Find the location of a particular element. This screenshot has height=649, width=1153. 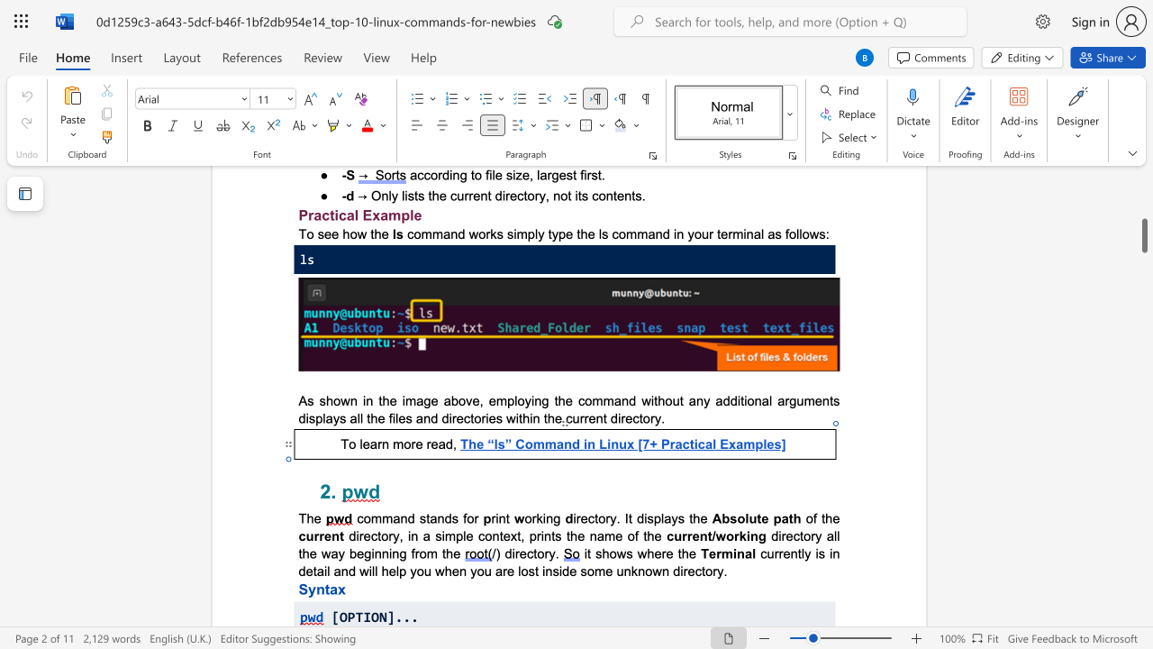

the space between the continuous character "c" and "u" in the text is located at coordinates (457, 195).